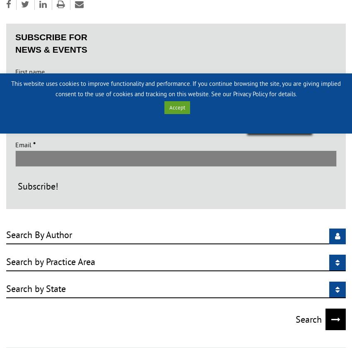 The height and width of the screenshot is (348, 352). What do you see at coordinates (5, 261) in the screenshot?
I see `'Search by Practice Area'` at bounding box center [5, 261].